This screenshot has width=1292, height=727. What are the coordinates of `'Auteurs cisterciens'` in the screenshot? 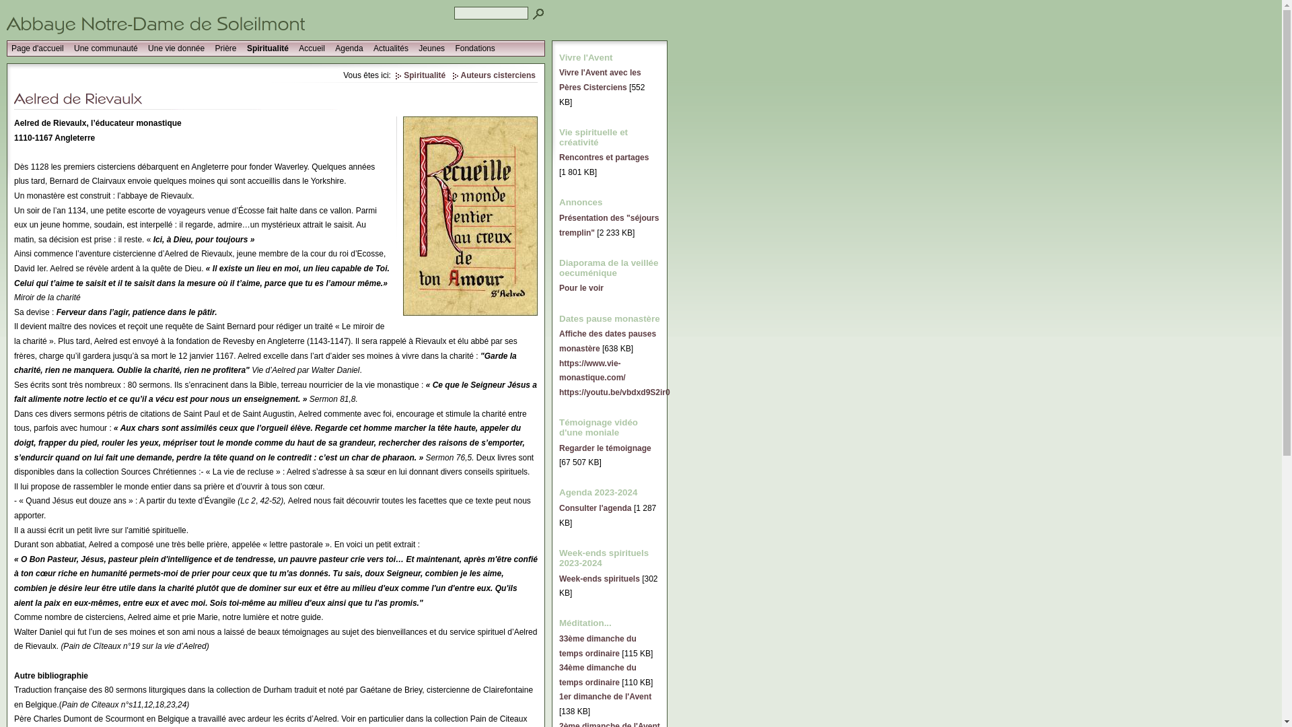 It's located at (493, 75).